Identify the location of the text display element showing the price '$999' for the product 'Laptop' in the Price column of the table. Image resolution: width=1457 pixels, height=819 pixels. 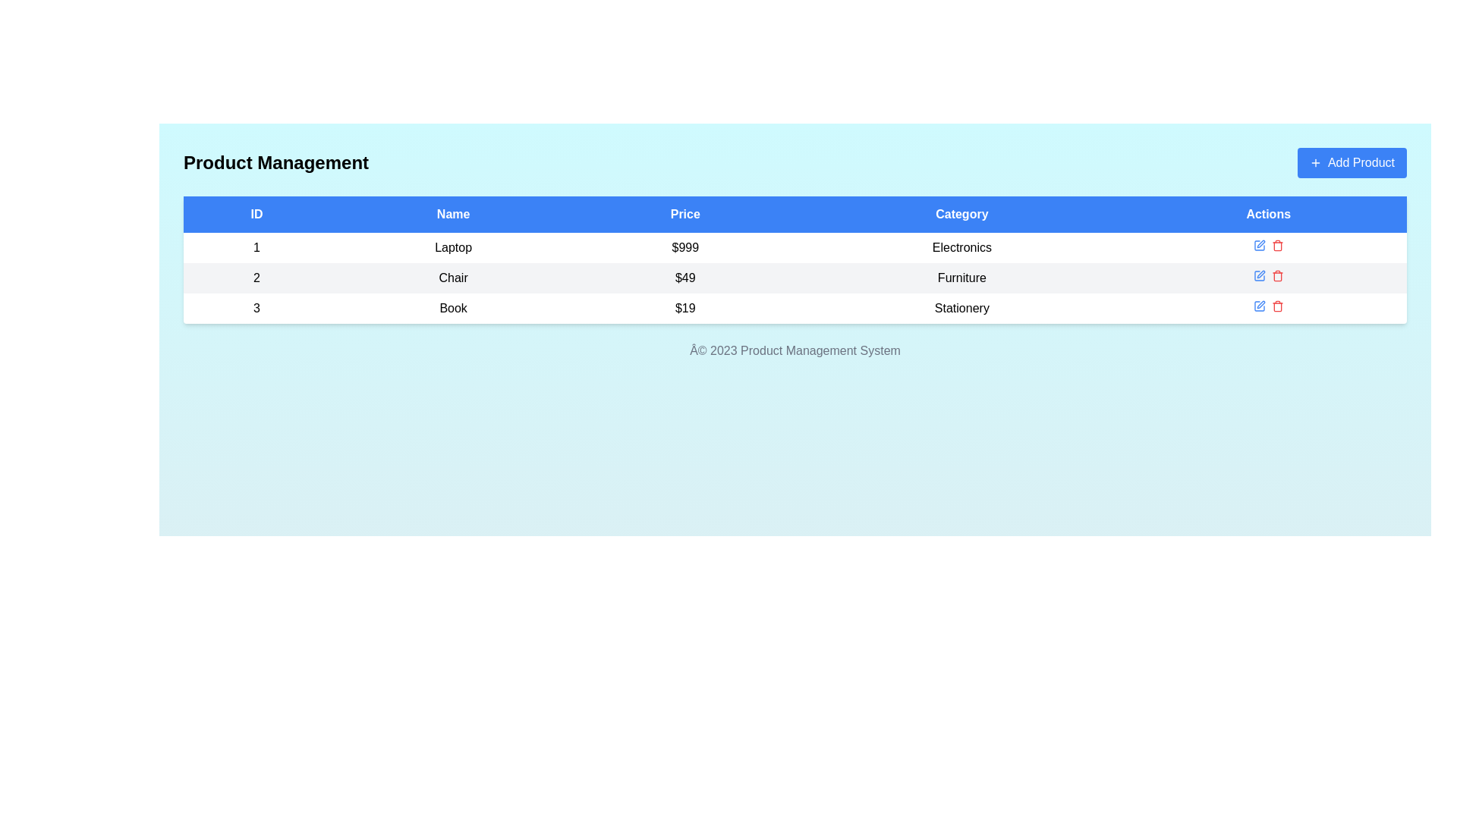
(684, 247).